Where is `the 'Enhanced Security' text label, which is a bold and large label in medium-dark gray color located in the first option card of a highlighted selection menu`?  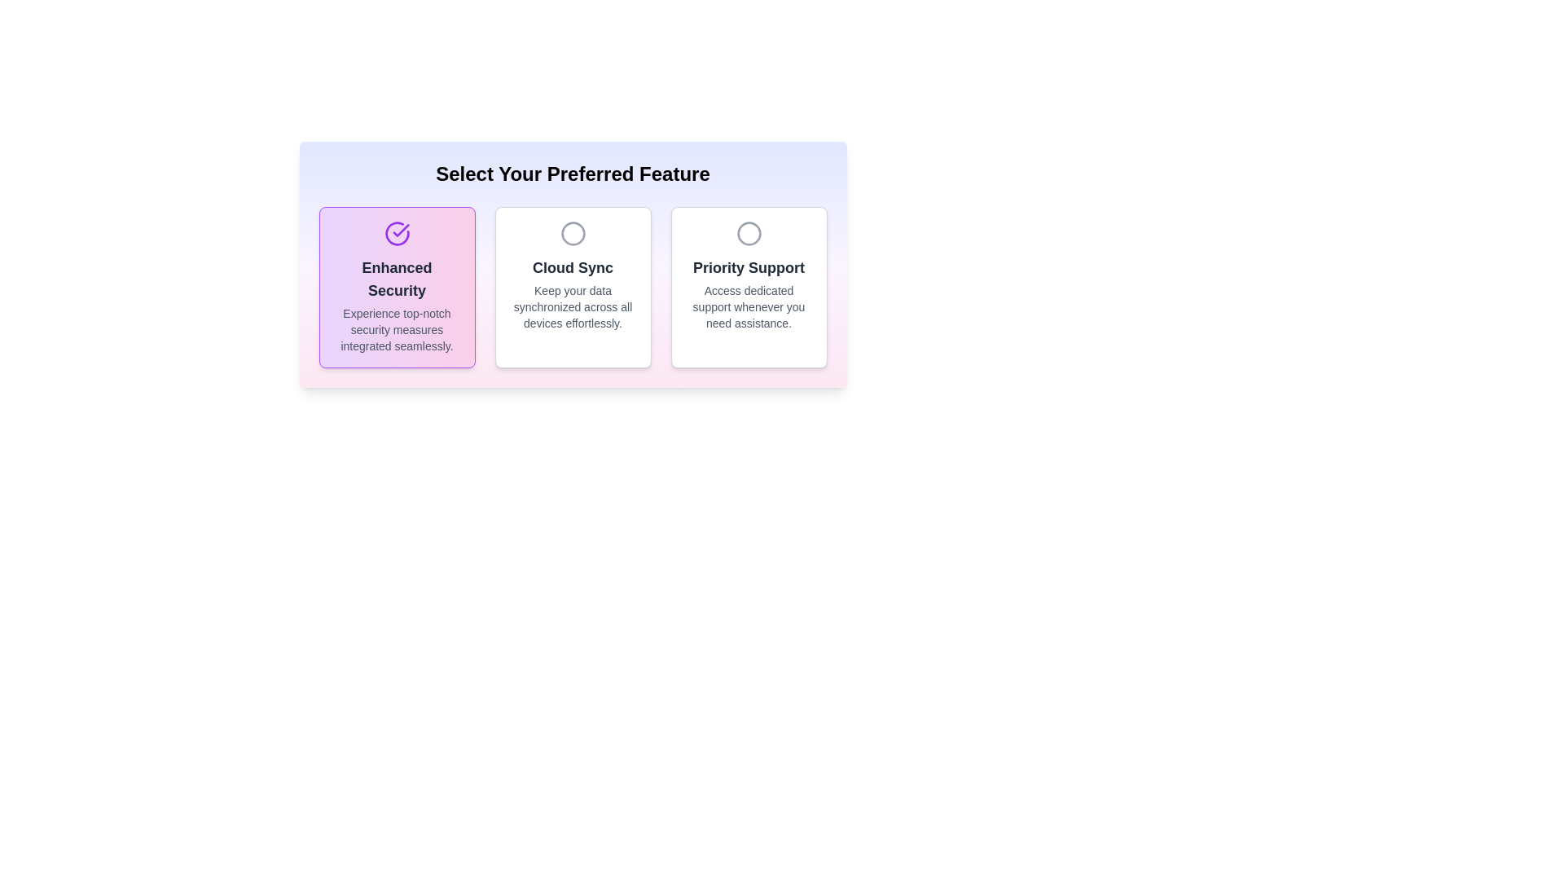
the 'Enhanced Security' text label, which is a bold and large label in medium-dark gray color located in the first option card of a highlighted selection menu is located at coordinates (397, 279).